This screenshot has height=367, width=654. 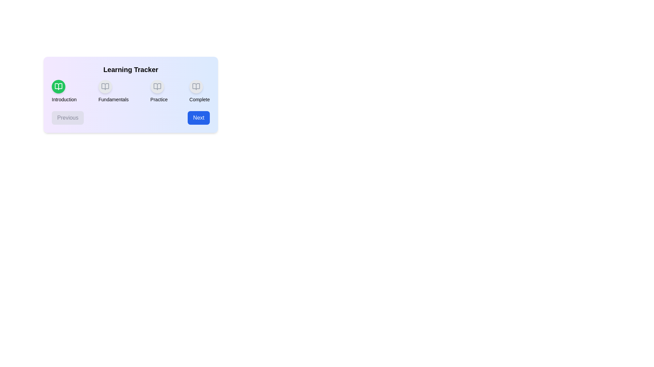 I want to click on the 'Learning Tracker' header text element, which is a bold title centered at the top of the panel, so click(x=131, y=69).